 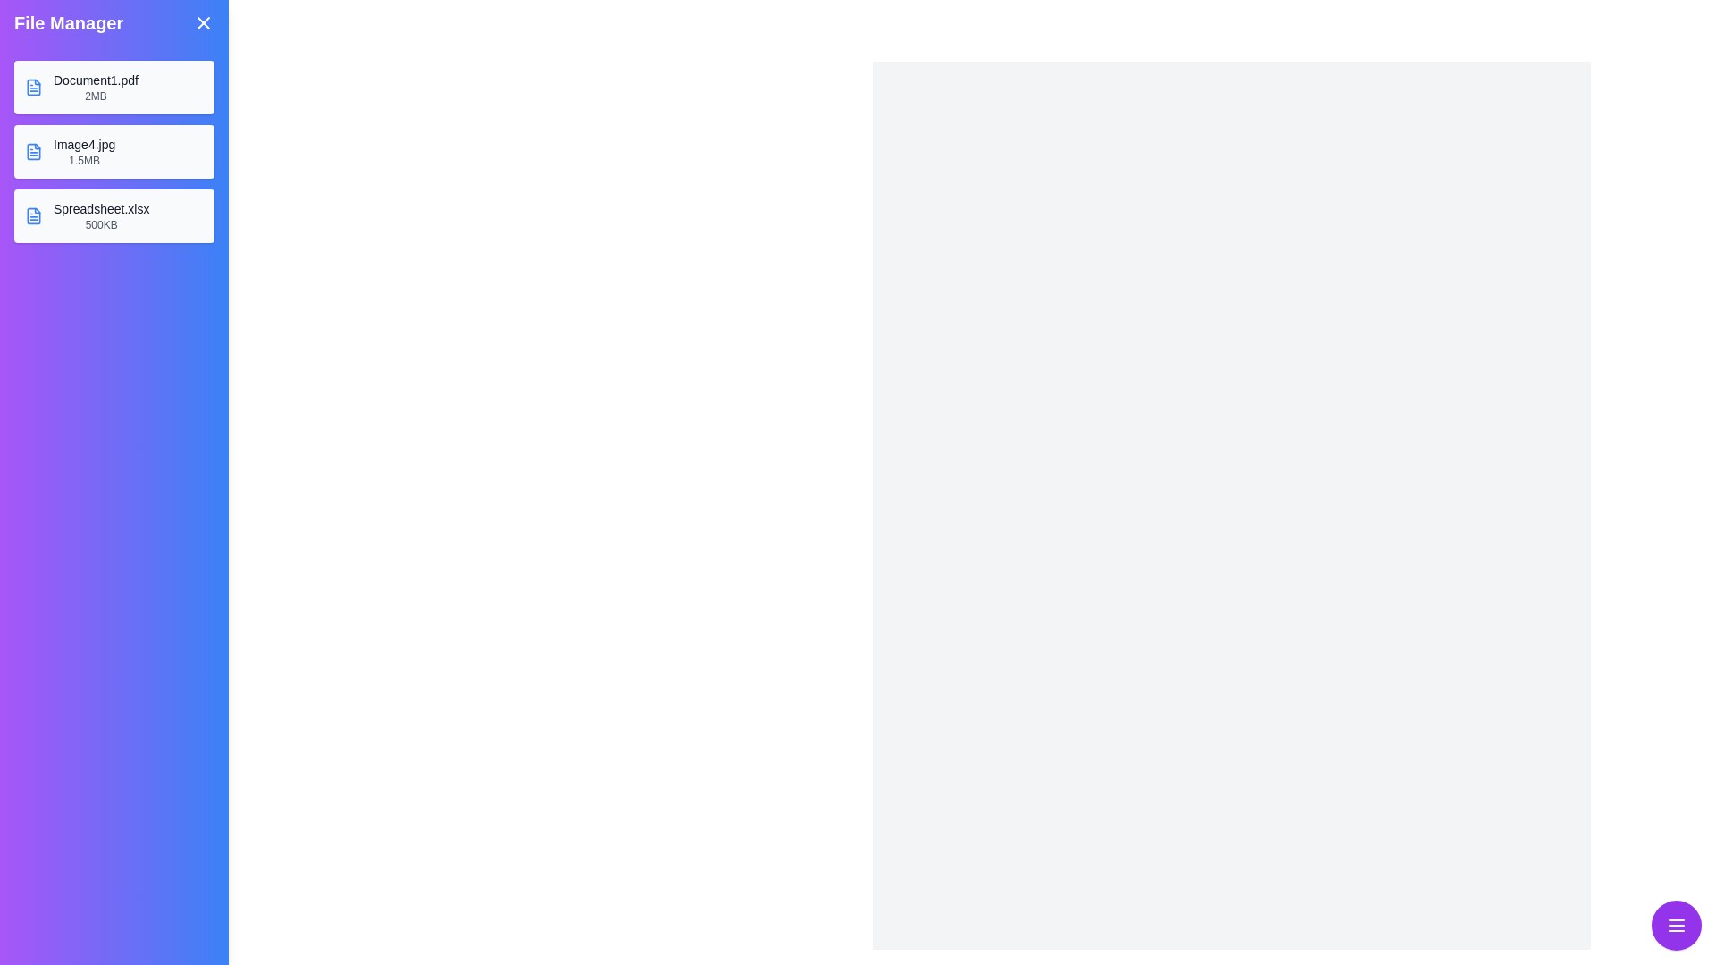 What do you see at coordinates (94, 87) in the screenshot?
I see `the text display for the file metadata of 'Document1.pdf'` at bounding box center [94, 87].